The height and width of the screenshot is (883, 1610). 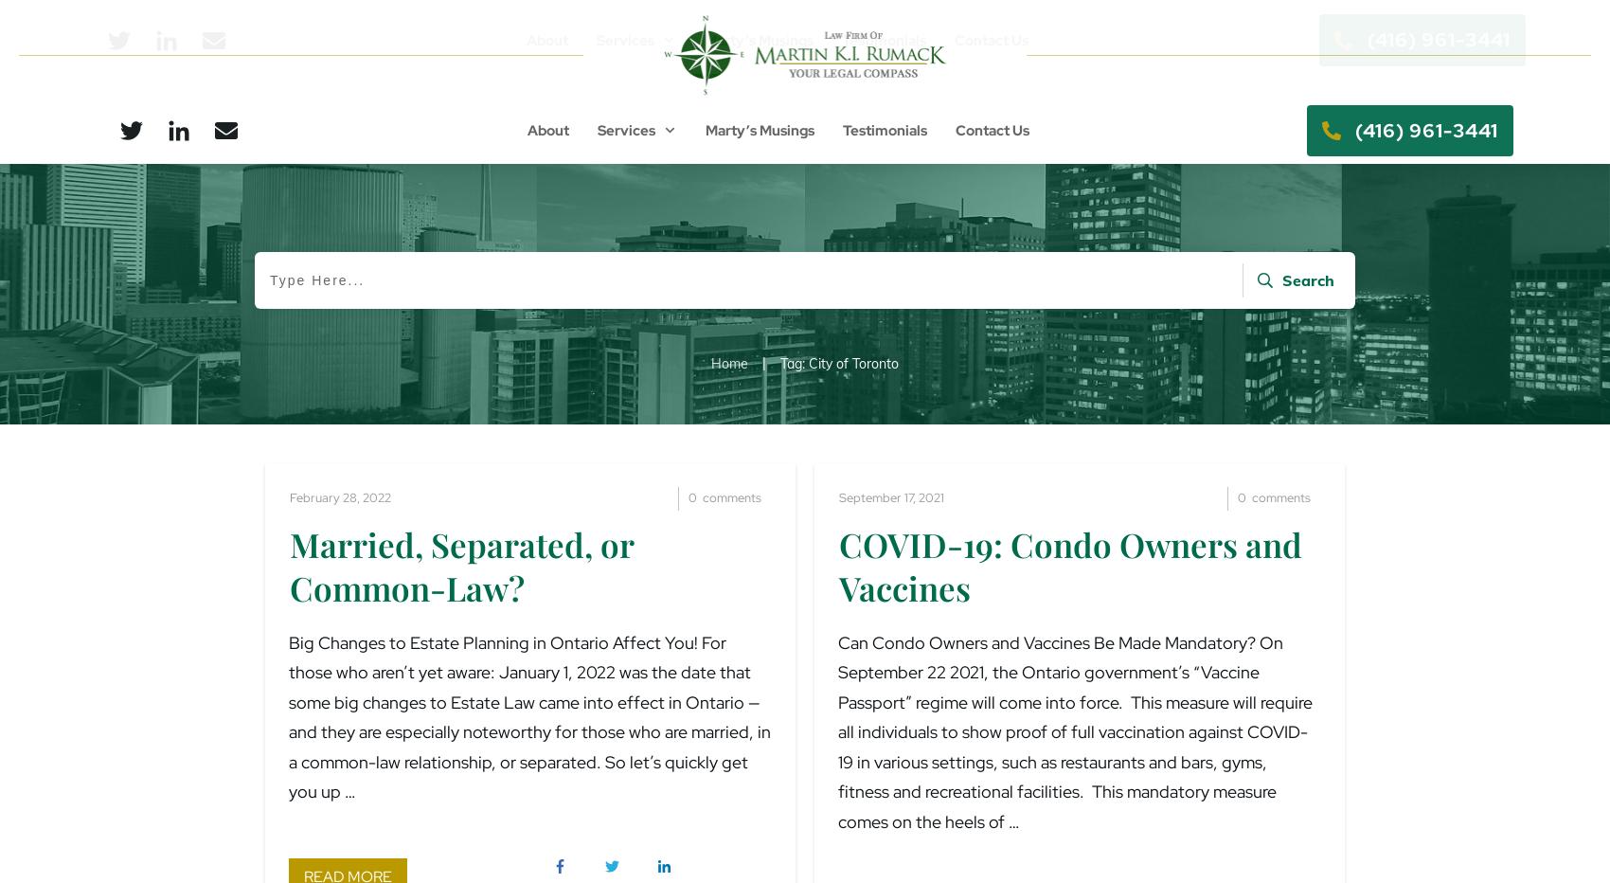 I want to click on 'Home', so click(x=710, y=361).